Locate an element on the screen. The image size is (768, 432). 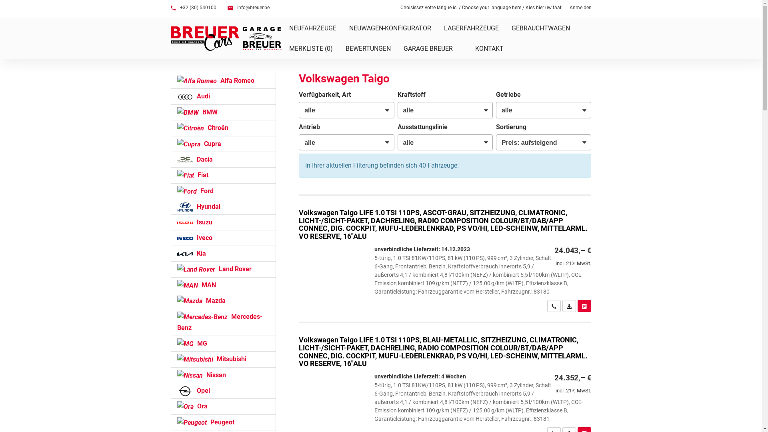
'Opel' is located at coordinates (223, 390).